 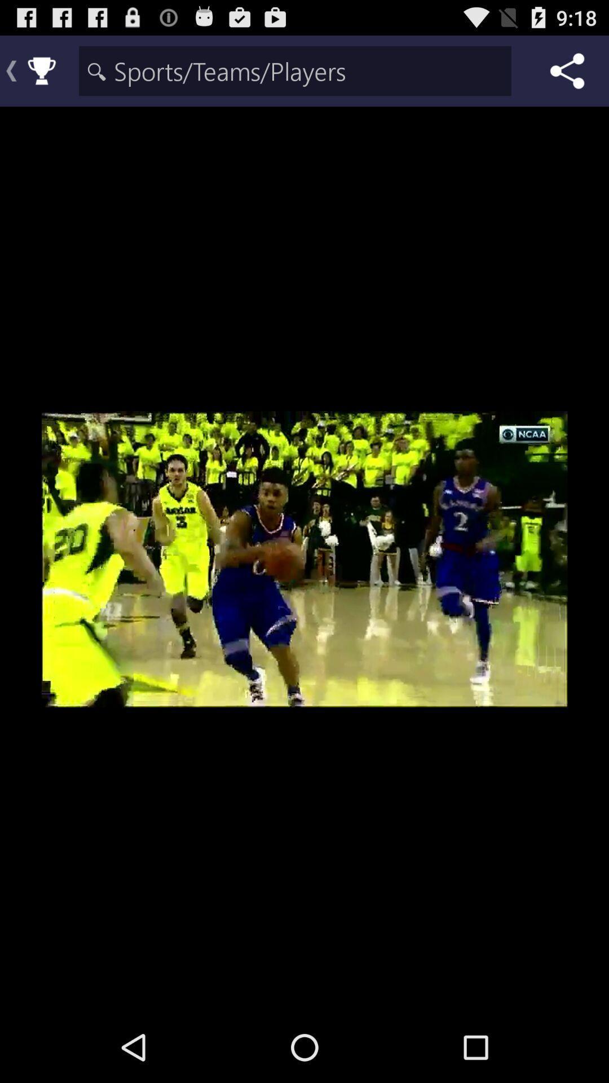 What do you see at coordinates (294, 70) in the screenshot?
I see `search for a specific team or player` at bounding box center [294, 70].